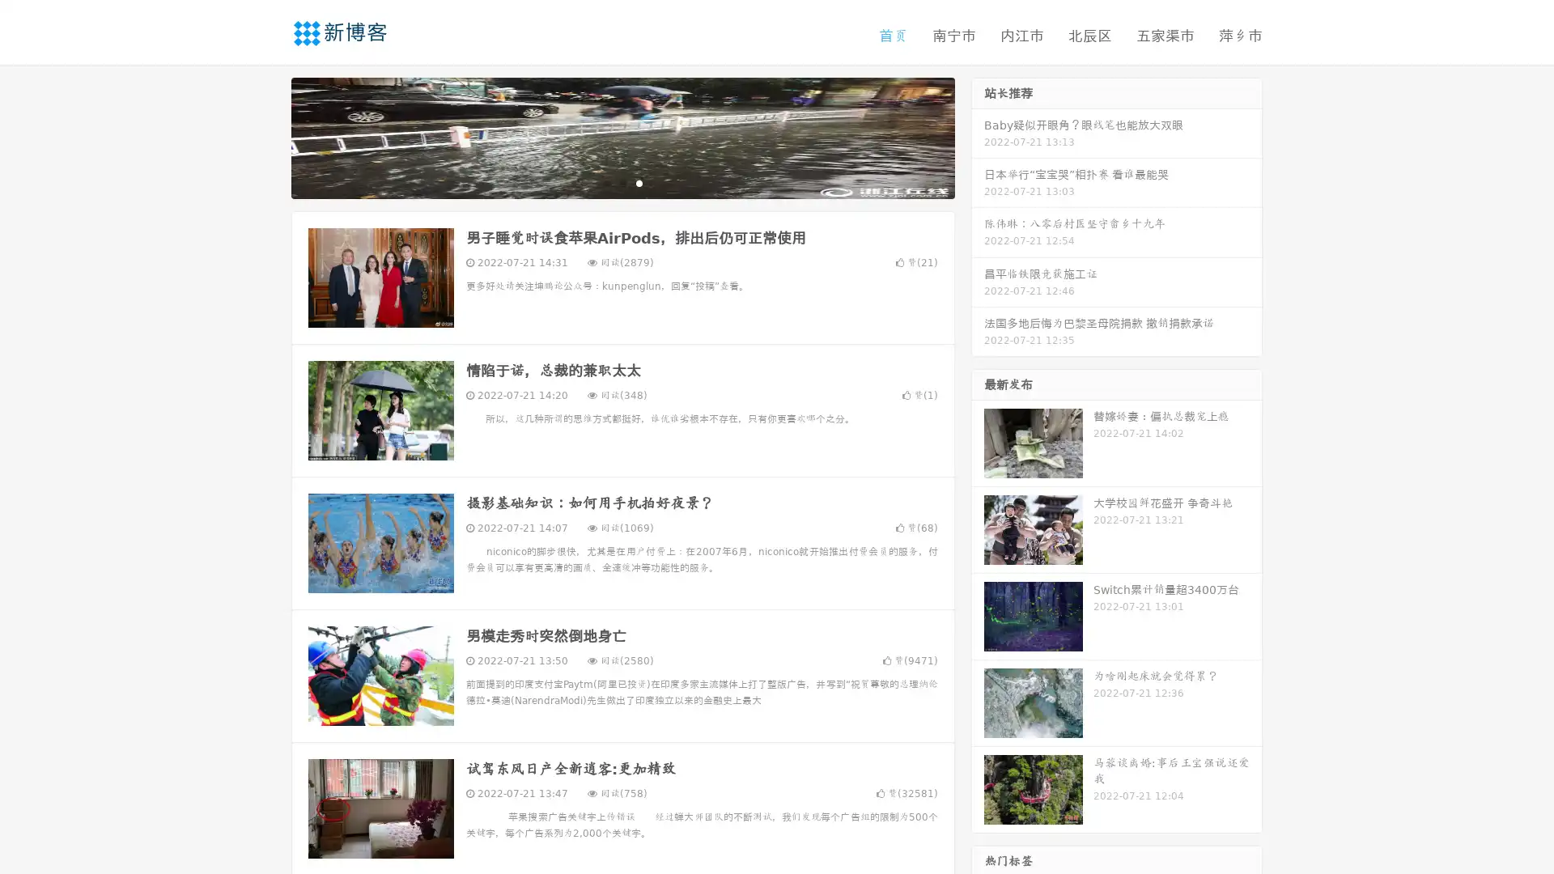 The height and width of the screenshot is (874, 1554). What do you see at coordinates (622, 182) in the screenshot?
I see `Go to slide 2` at bounding box center [622, 182].